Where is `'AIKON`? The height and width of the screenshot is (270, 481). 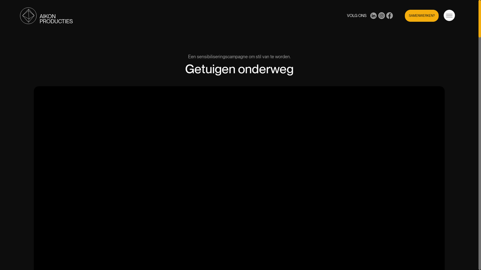
'AIKON is located at coordinates (20, 15).